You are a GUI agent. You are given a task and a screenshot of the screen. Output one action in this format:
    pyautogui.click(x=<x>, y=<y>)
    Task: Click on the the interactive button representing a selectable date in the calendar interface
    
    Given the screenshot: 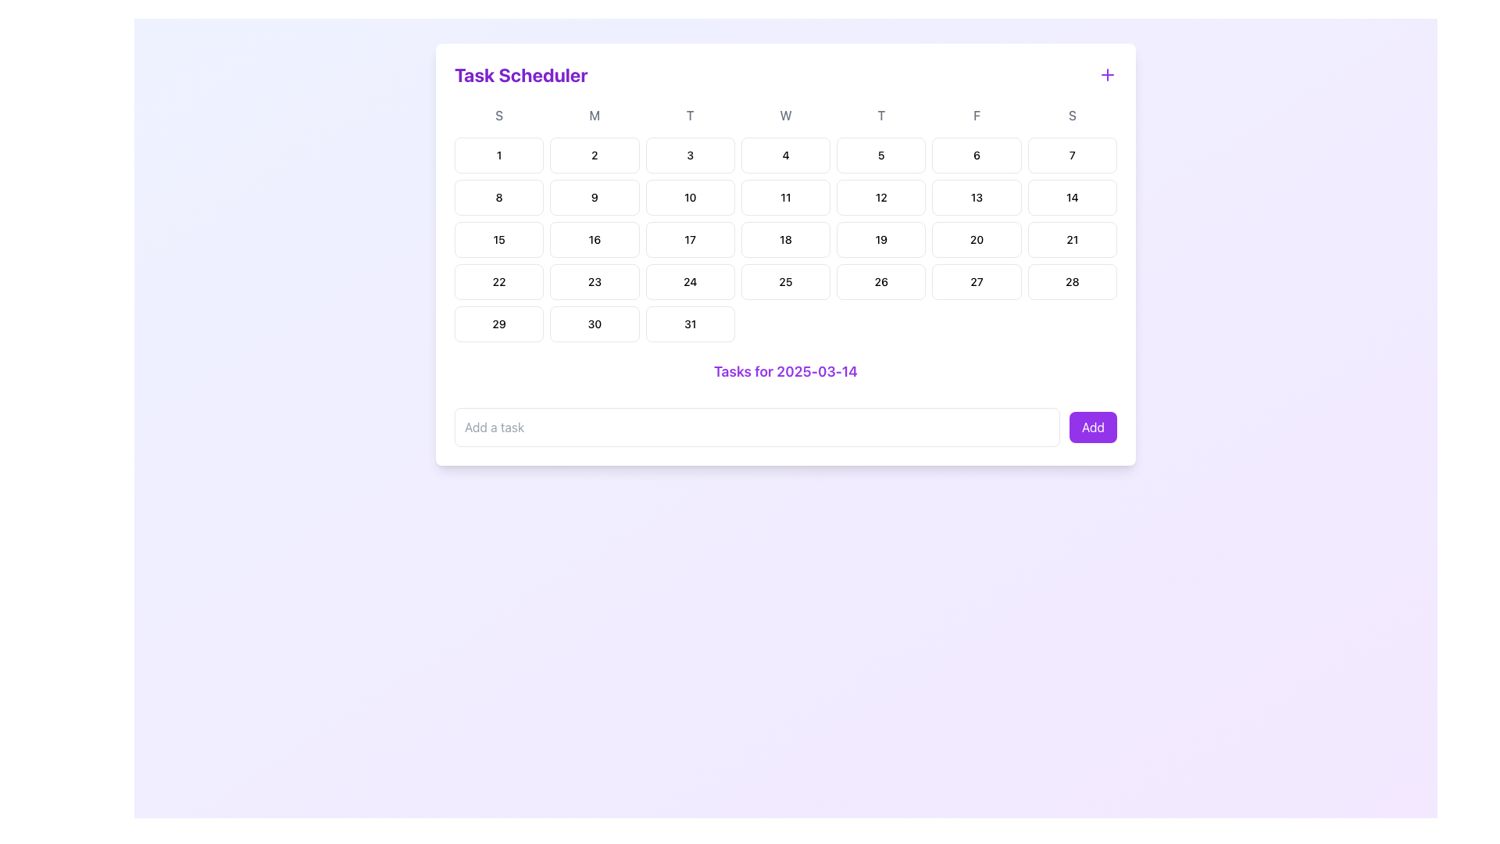 What is the action you would take?
    pyautogui.click(x=594, y=282)
    